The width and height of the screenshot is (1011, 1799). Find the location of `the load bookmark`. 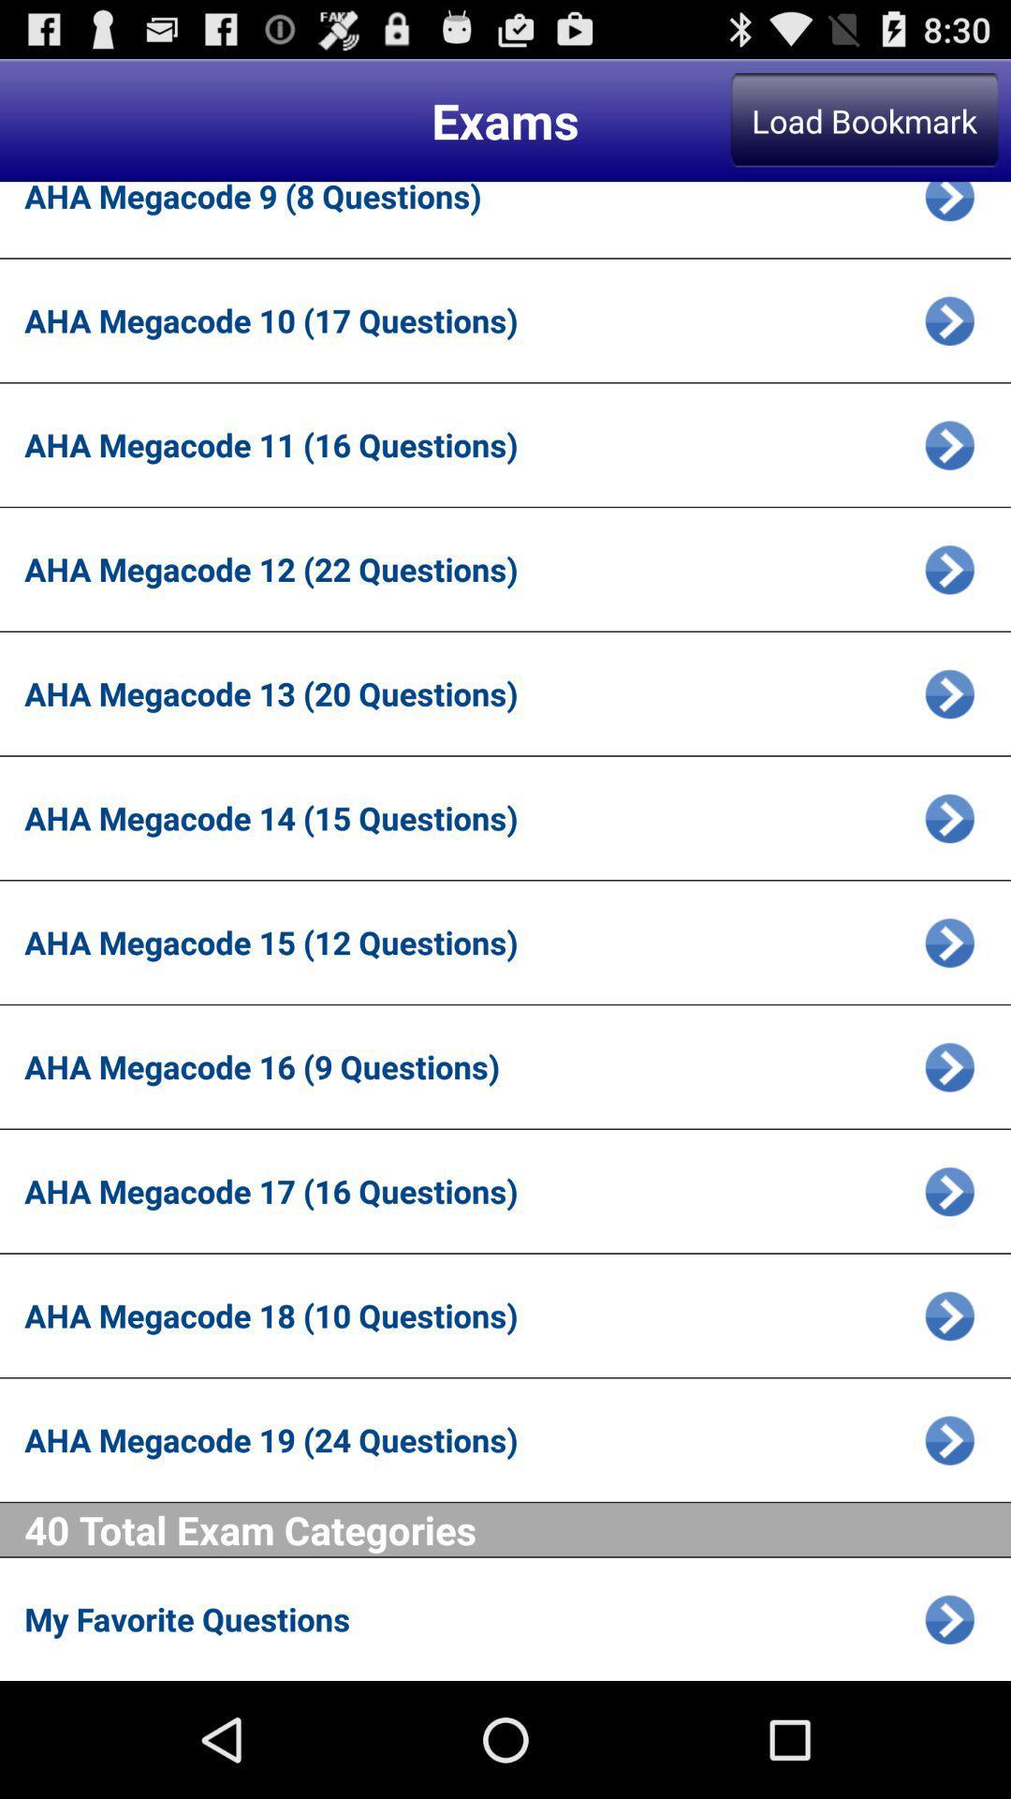

the load bookmark is located at coordinates (864, 119).